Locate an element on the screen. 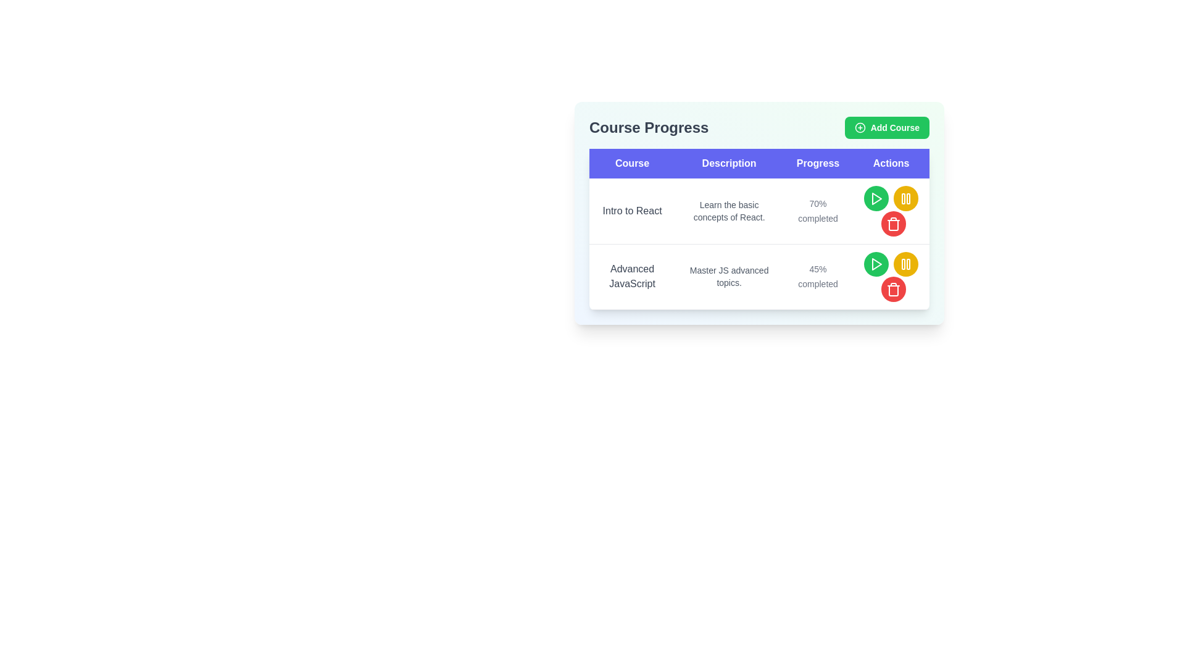 The width and height of the screenshot is (1185, 667). the icon of the 'Add Course' button, which is aligned to the left of the text 'Add Course' is located at coordinates (859, 128).